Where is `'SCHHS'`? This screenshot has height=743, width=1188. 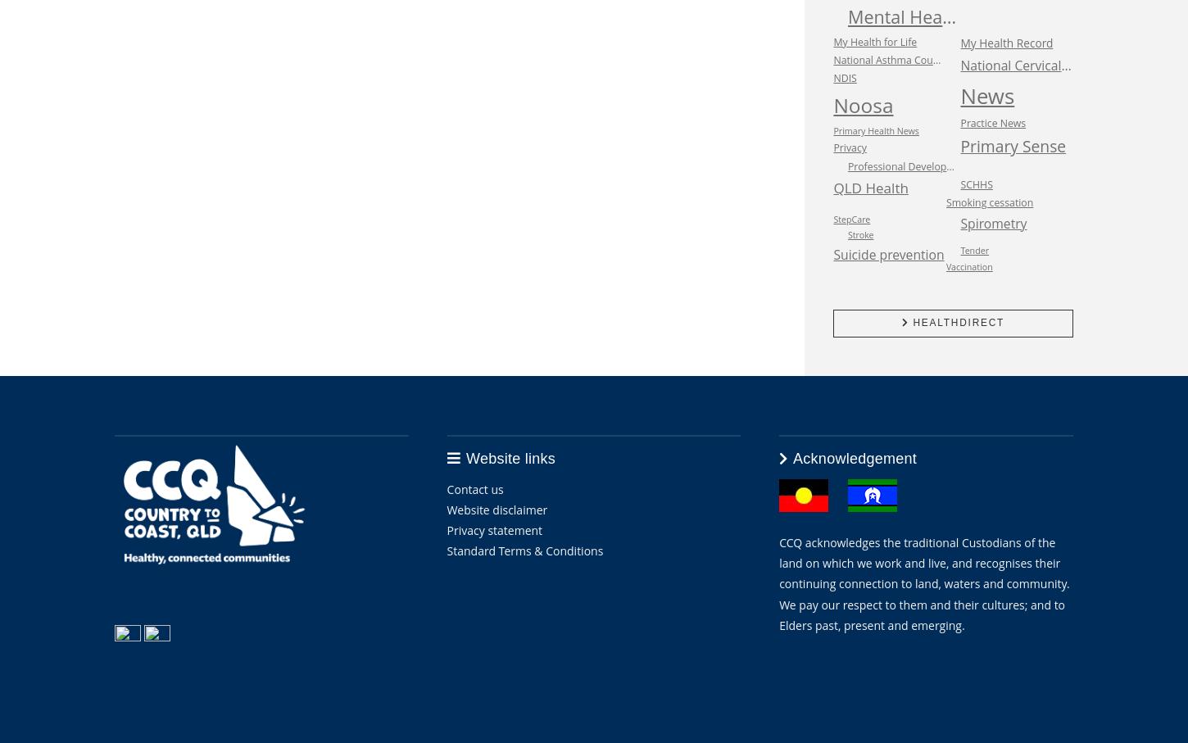 'SCHHS' is located at coordinates (959, 183).